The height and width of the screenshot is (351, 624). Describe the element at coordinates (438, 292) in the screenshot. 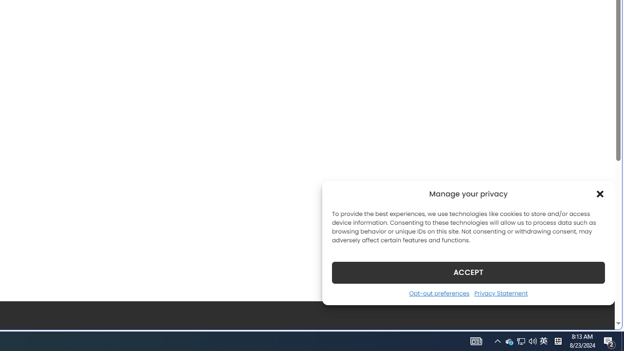

I see `'Opt-out preferences'` at that location.